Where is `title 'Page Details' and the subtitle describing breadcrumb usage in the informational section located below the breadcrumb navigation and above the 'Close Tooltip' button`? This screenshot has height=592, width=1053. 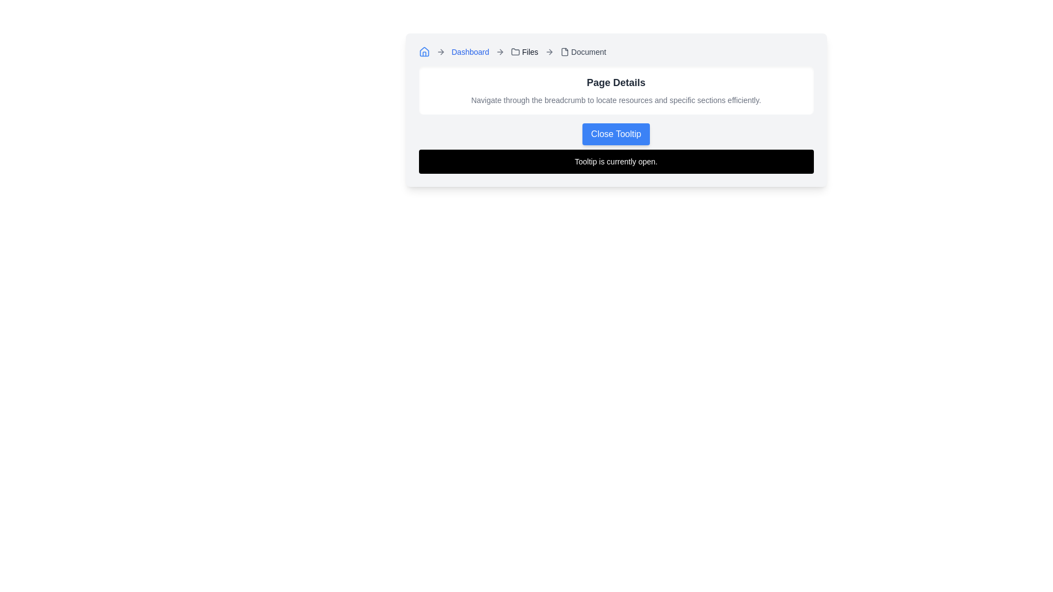 title 'Page Details' and the subtitle describing breadcrumb usage in the informational section located below the breadcrumb navigation and above the 'Close Tooltip' button is located at coordinates (616, 90).